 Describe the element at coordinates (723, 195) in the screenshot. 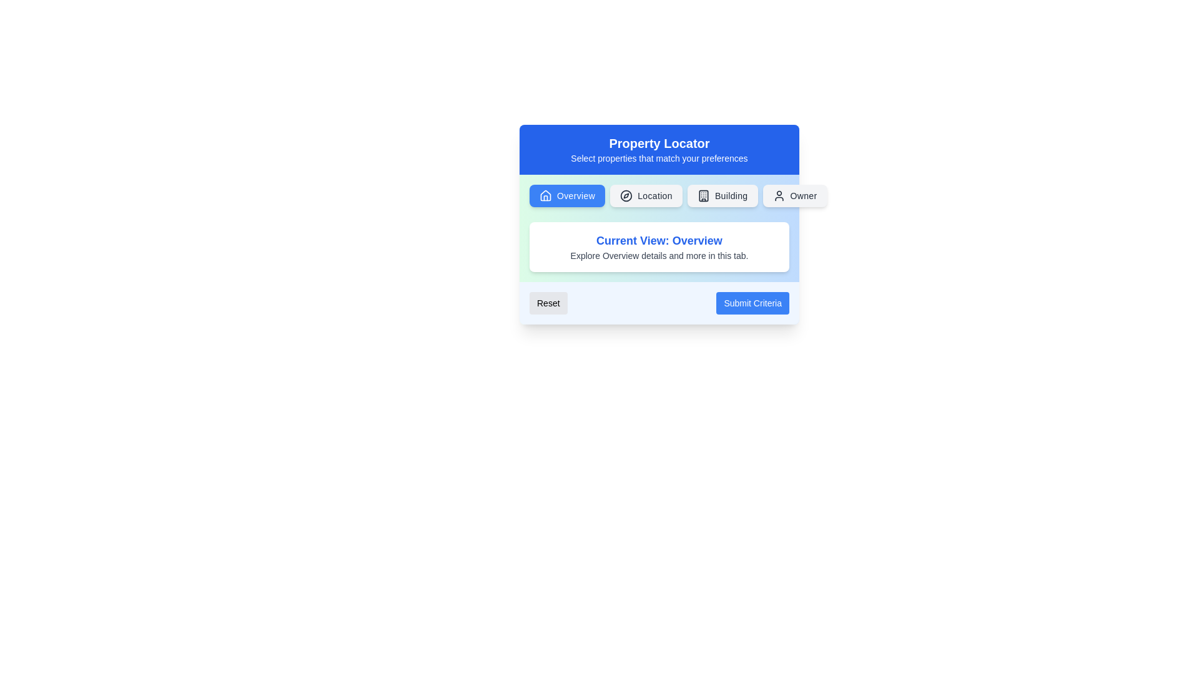

I see `the 'Building' button` at that location.